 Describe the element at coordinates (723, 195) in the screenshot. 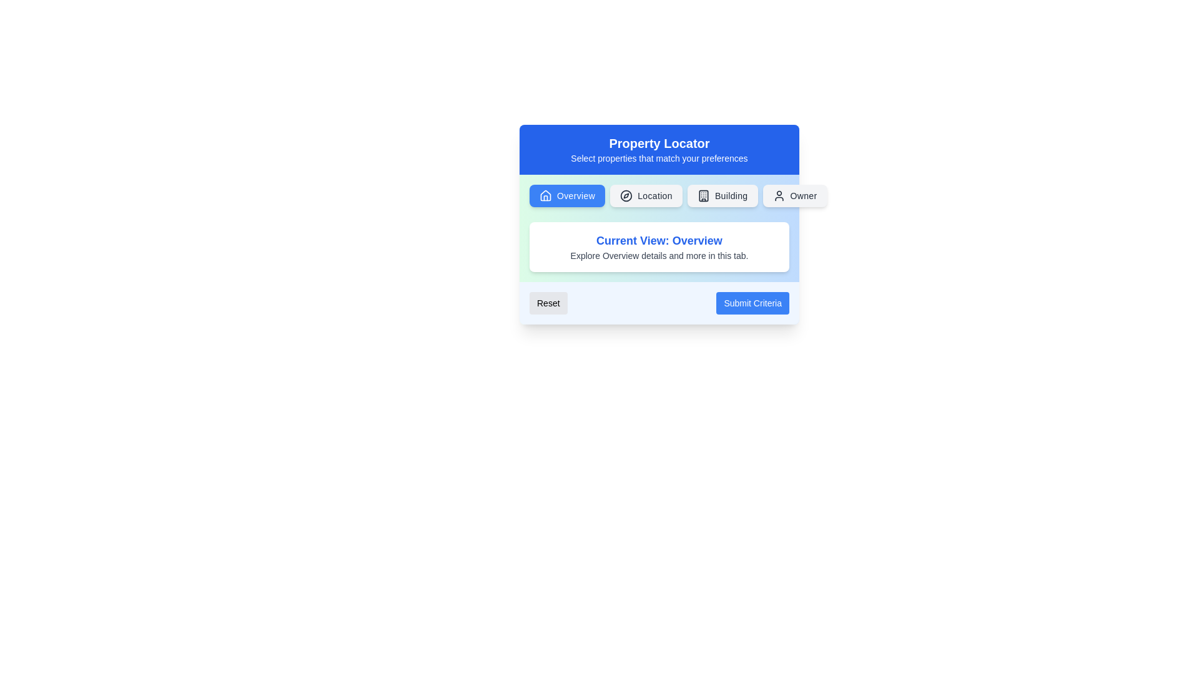

I see `the 'Building' button` at that location.